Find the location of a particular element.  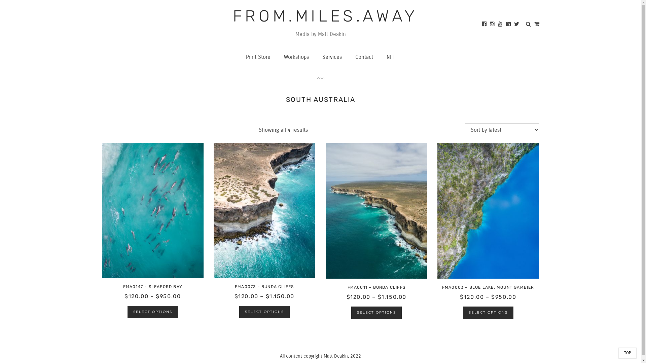

'FROM.MILES.AWAY' is located at coordinates (325, 15).